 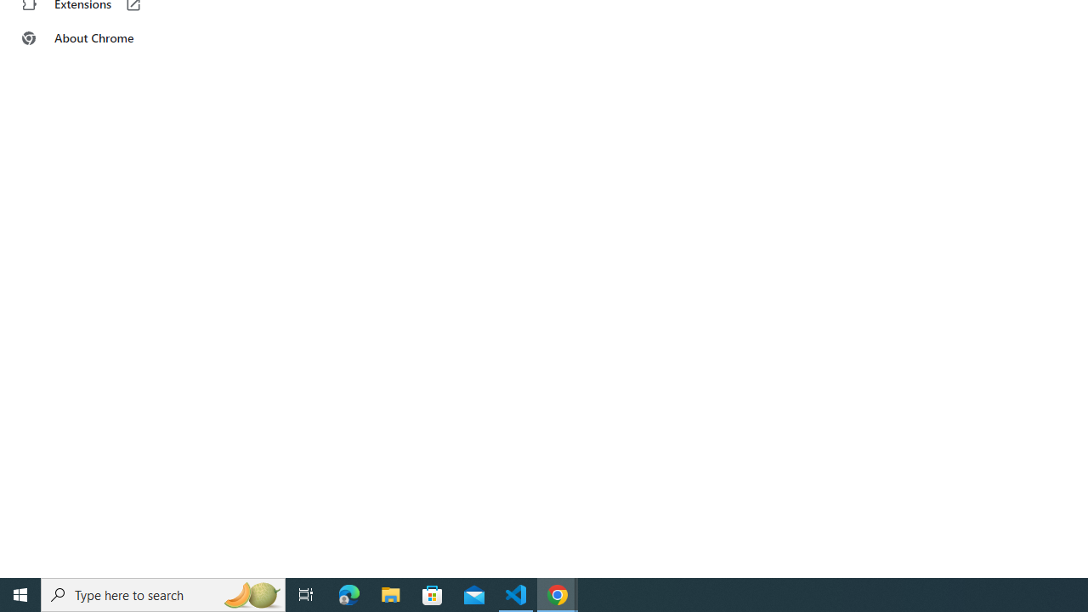 I want to click on 'Task View', so click(x=305, y=593).